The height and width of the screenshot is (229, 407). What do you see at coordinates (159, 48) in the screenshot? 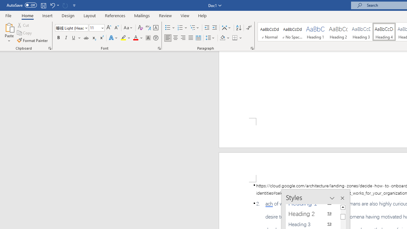
I see `'Font...'` at bounding box center [159, 48].